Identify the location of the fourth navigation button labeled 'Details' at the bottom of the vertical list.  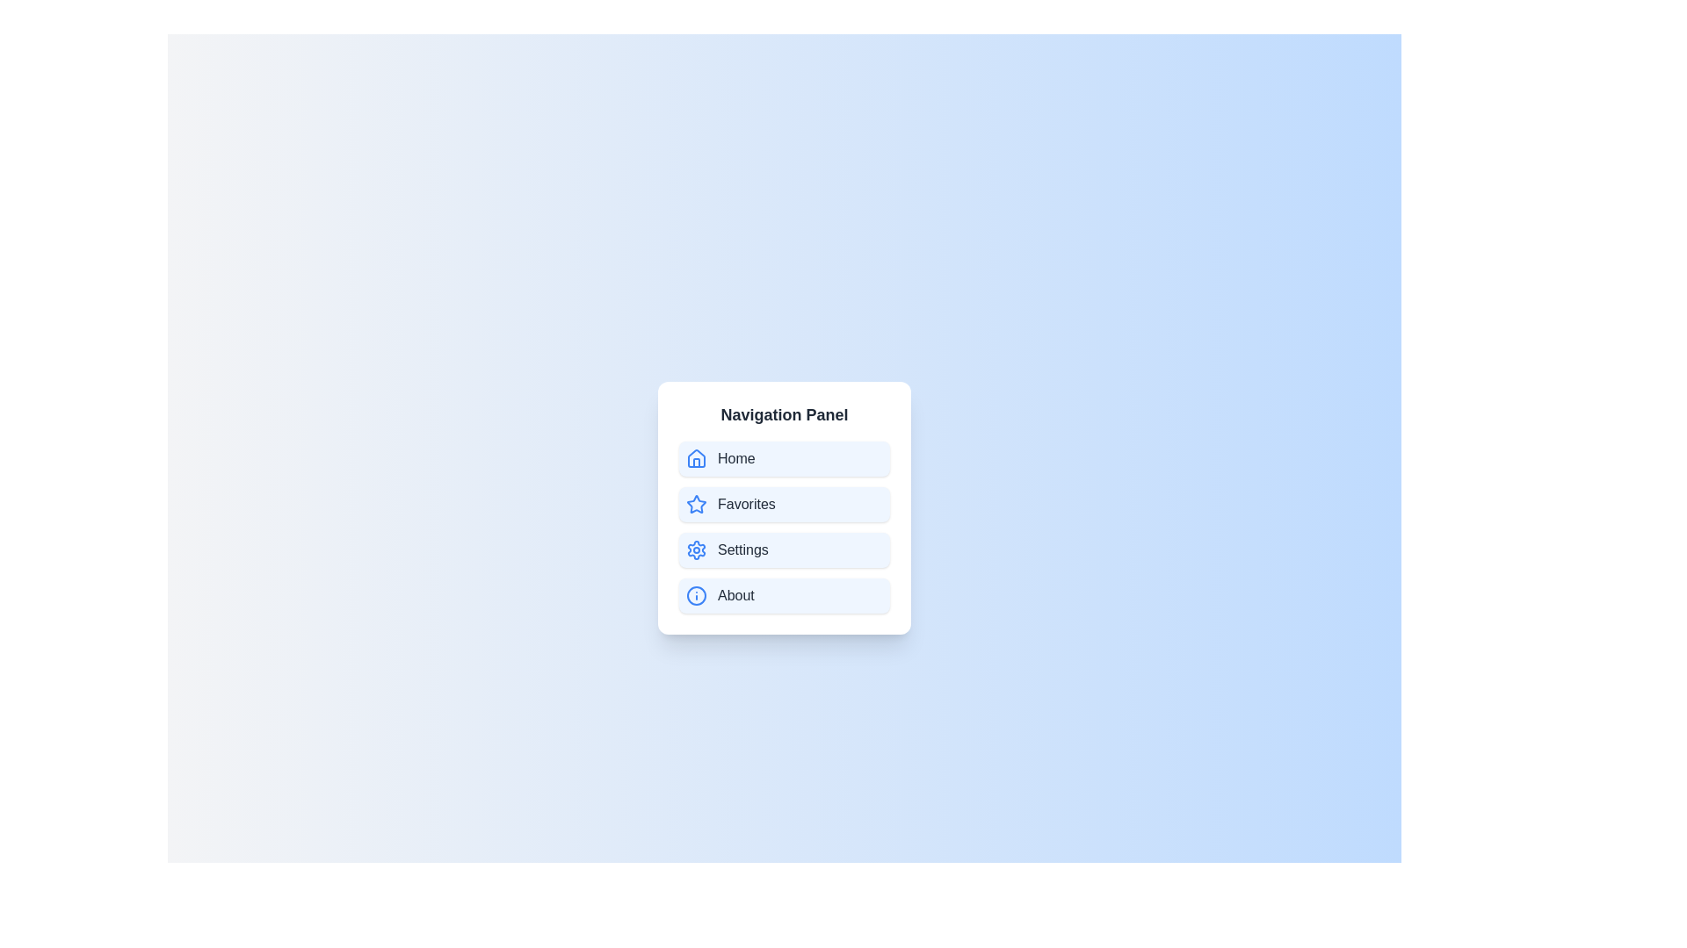
(783, 594).